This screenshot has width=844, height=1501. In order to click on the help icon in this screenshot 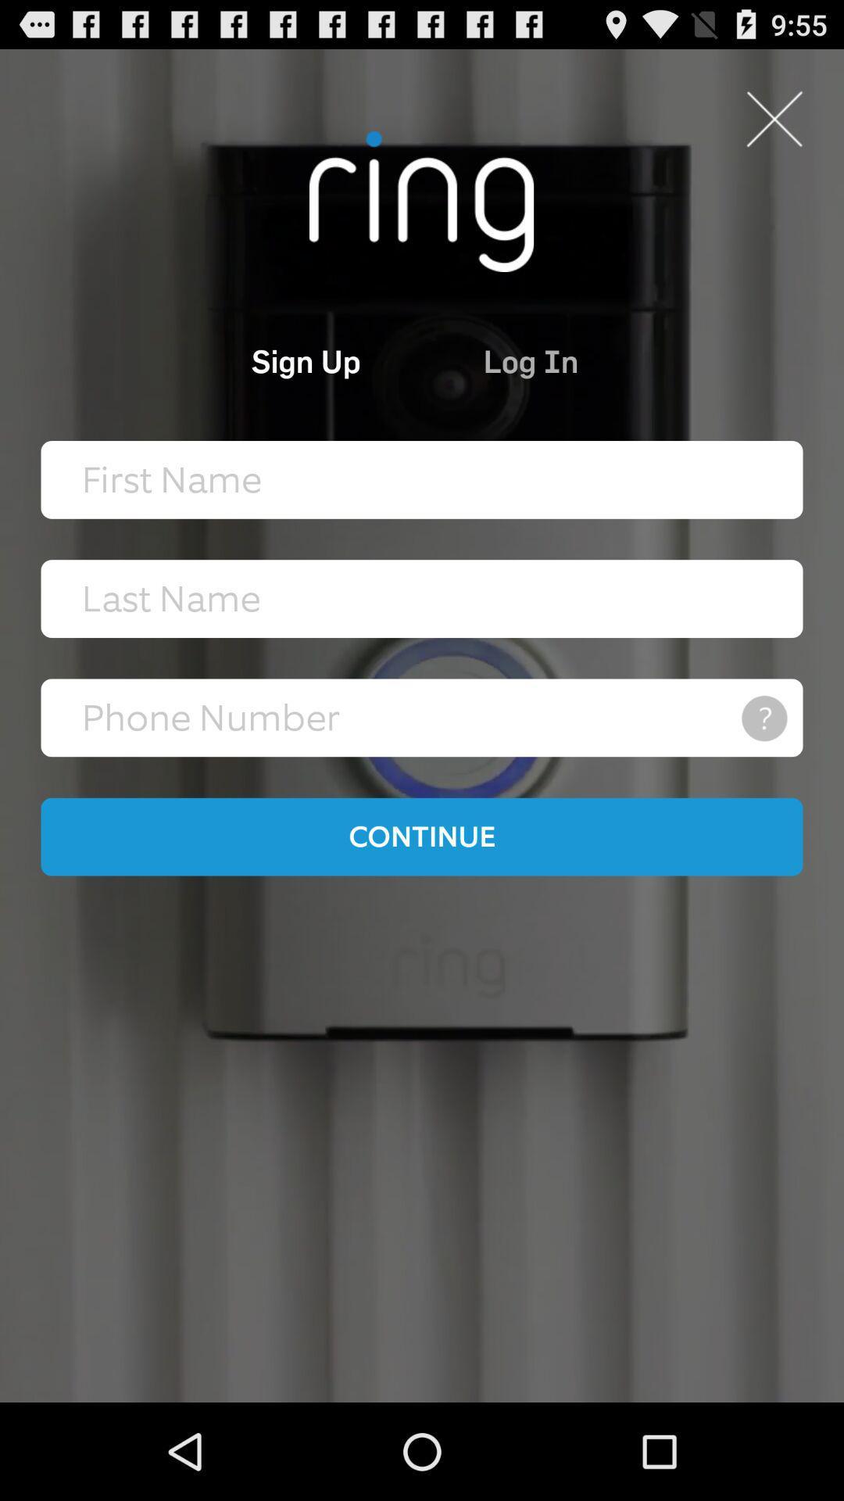, I will do `click(763, 768)`.